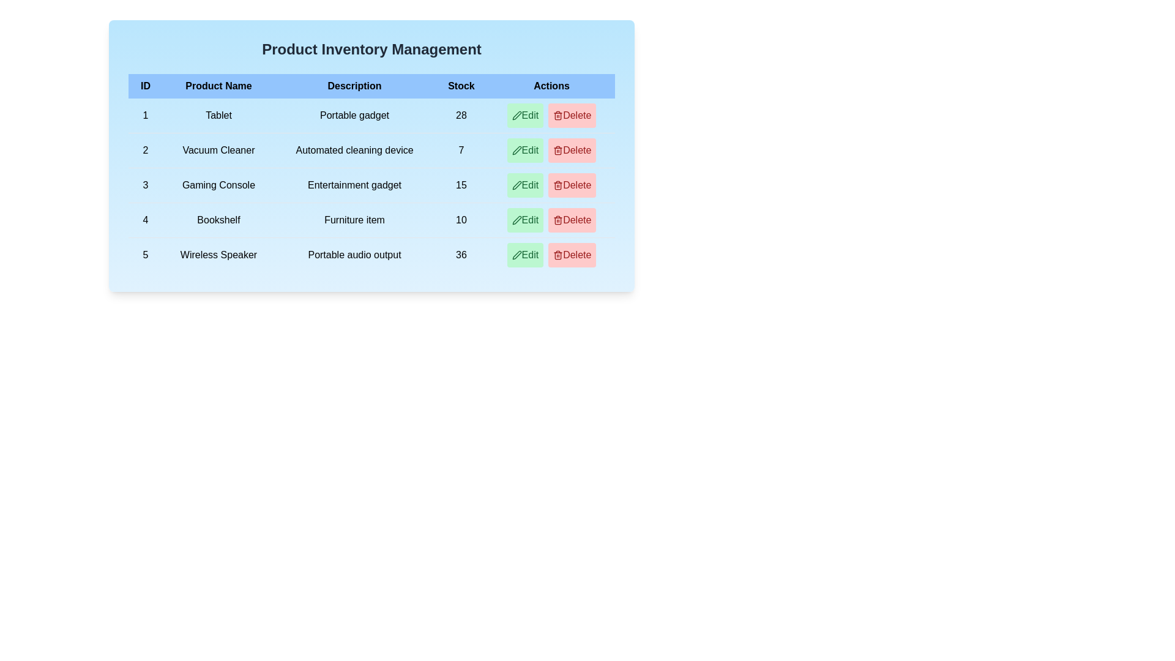 The width and height of the screenshot is (1175, 661). I want to click on the 'Edit' icon button located in the last row of the table under the 'Actions' column, so click(517, 254).